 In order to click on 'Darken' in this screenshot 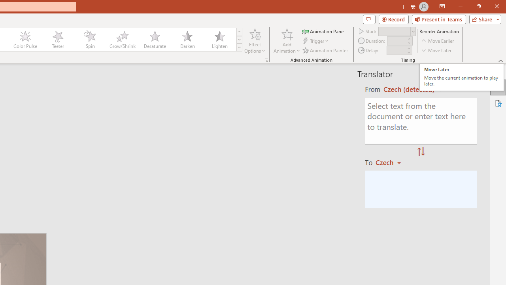, I will do `click(187, 40)`.